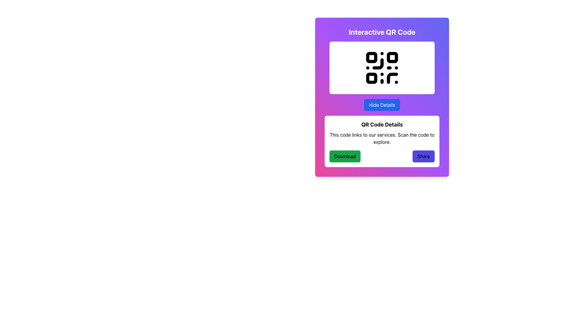 The width and height of the screenshot is (574, 323). I want to click on title text label located at the top of the white, rounded rectangle box, which provides context about the details concerning a QR code, so click(381, 124).